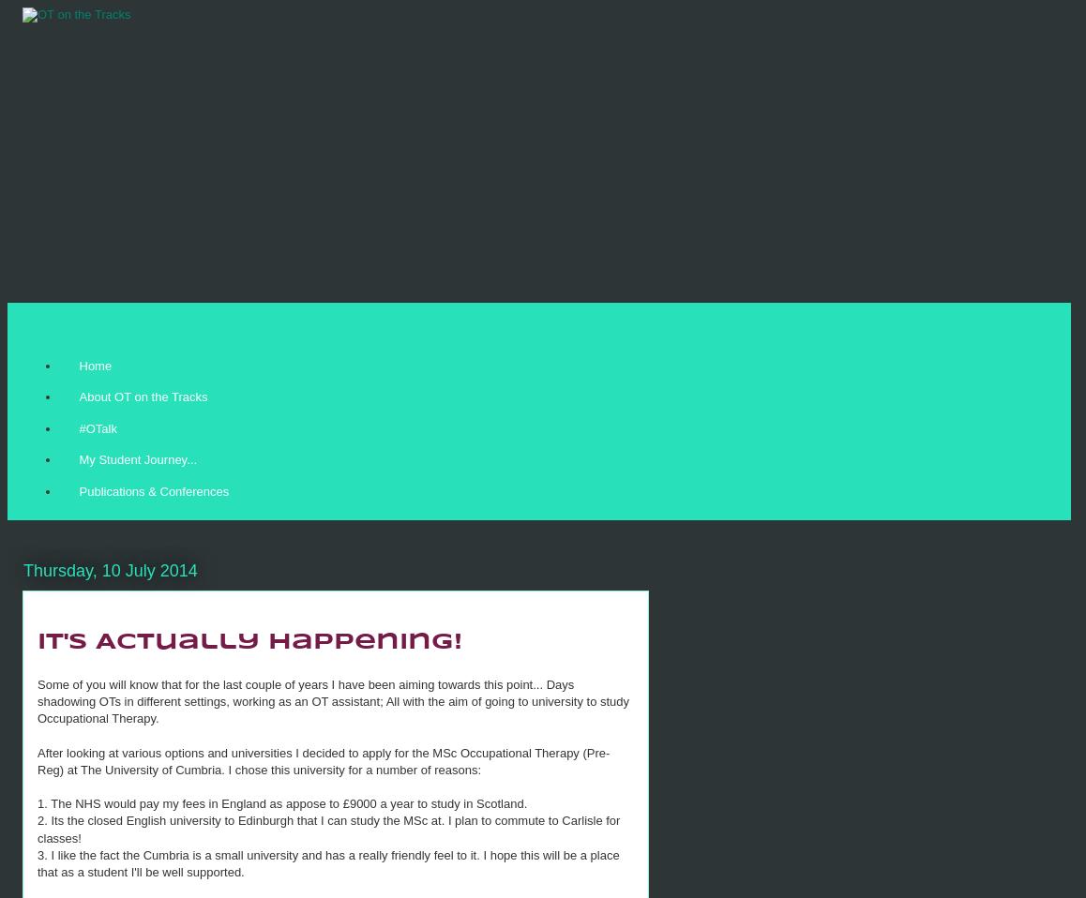 This screenshot has height=898, width=1086. I want to click on 'Thursday, 10 July 2014', so click(109, 570).